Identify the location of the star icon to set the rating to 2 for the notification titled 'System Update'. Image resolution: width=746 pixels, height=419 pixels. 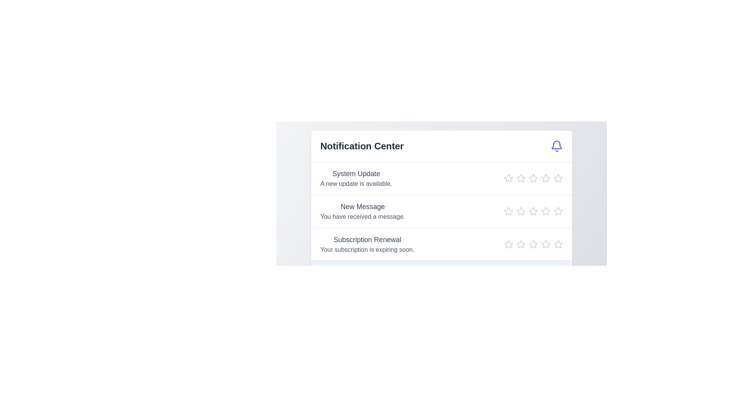
(521, 178).